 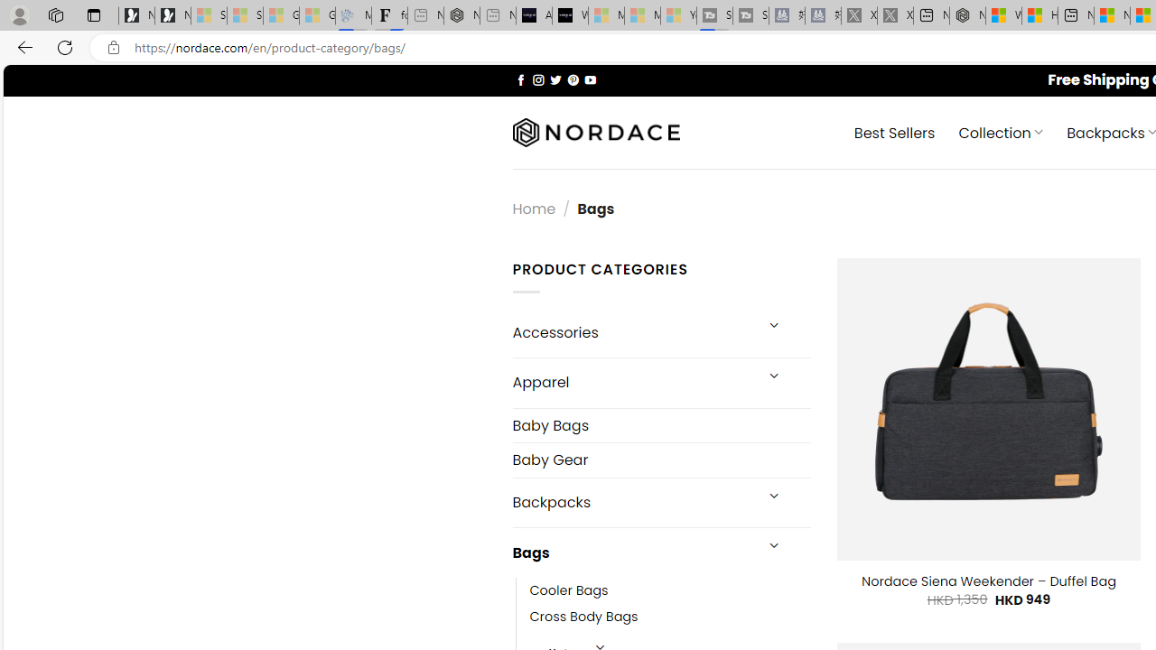 What do you see at coordinates (894, 131) in the screenshot?
I see `'  Best Sellers'` at bounding box center [894, 131].